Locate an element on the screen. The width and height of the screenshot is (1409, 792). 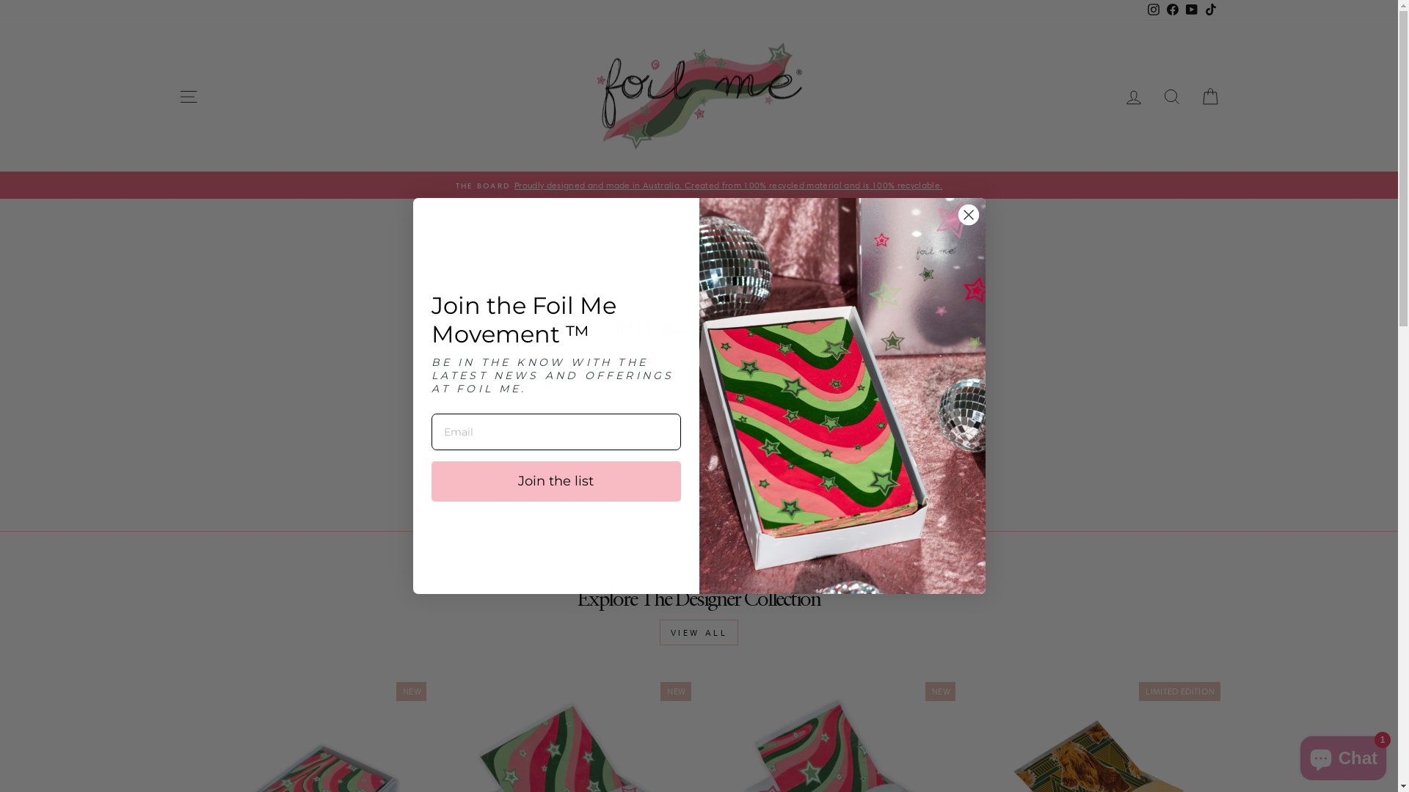
'CART' is located at coordinates (1209, 96).